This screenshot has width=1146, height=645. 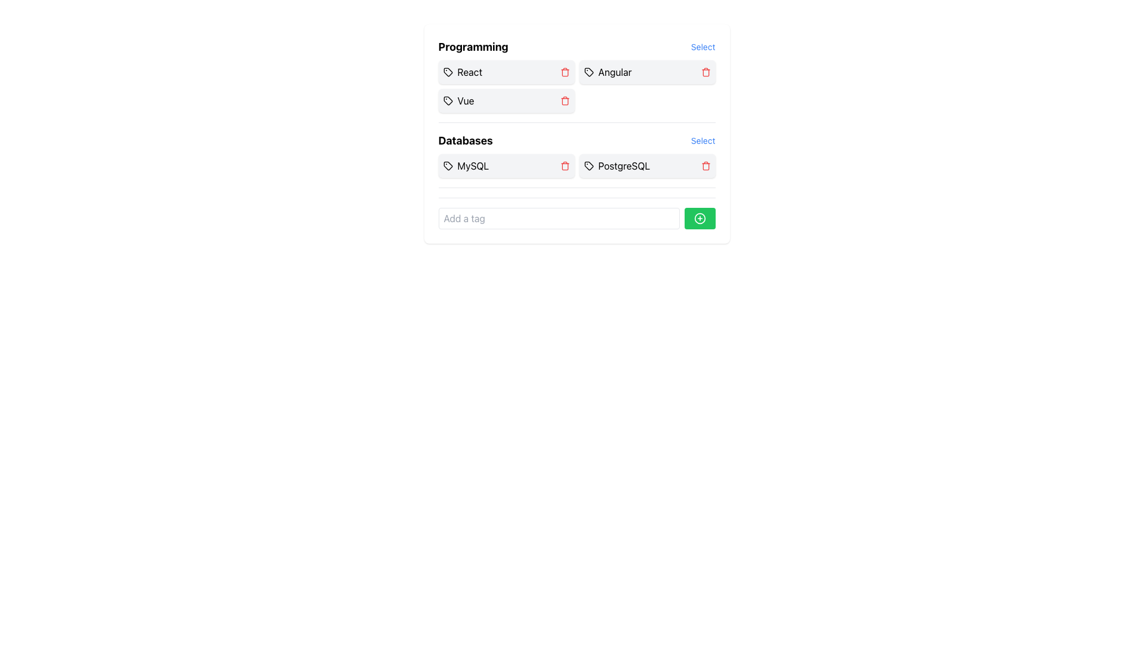 I want to click on the tag icon on the 'PostgreSQL' button-like list item located in the 'Databases' section, so click(x=646, y=165).